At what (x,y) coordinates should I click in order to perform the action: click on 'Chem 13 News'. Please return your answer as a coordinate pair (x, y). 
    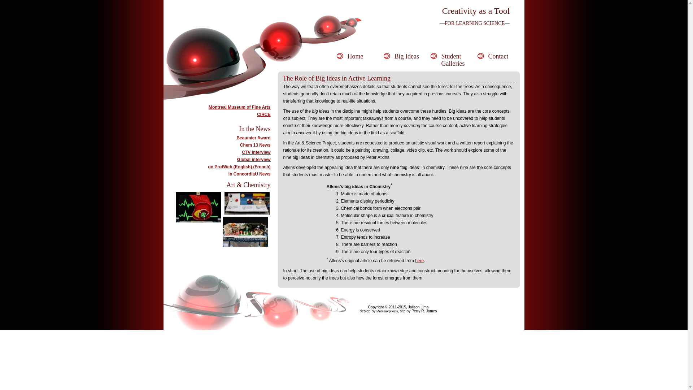
    Looking at the image, I should click on (240, 145).